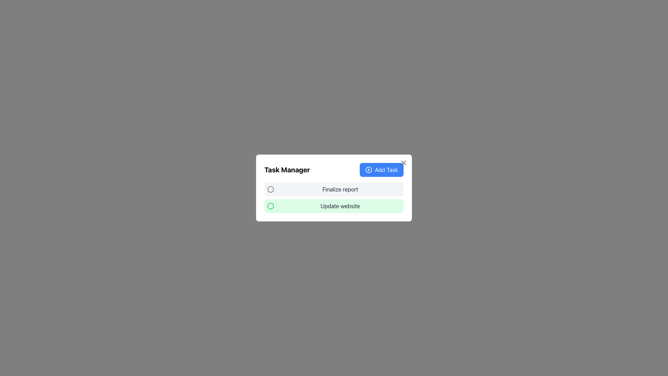 This screenshot has width=668, height=376. What do you see at coordinates (404, 163) in the screenshot?
I see `the Close icon located in the top-right corner of the Task Manager interface` at bounding box center [404, 163].